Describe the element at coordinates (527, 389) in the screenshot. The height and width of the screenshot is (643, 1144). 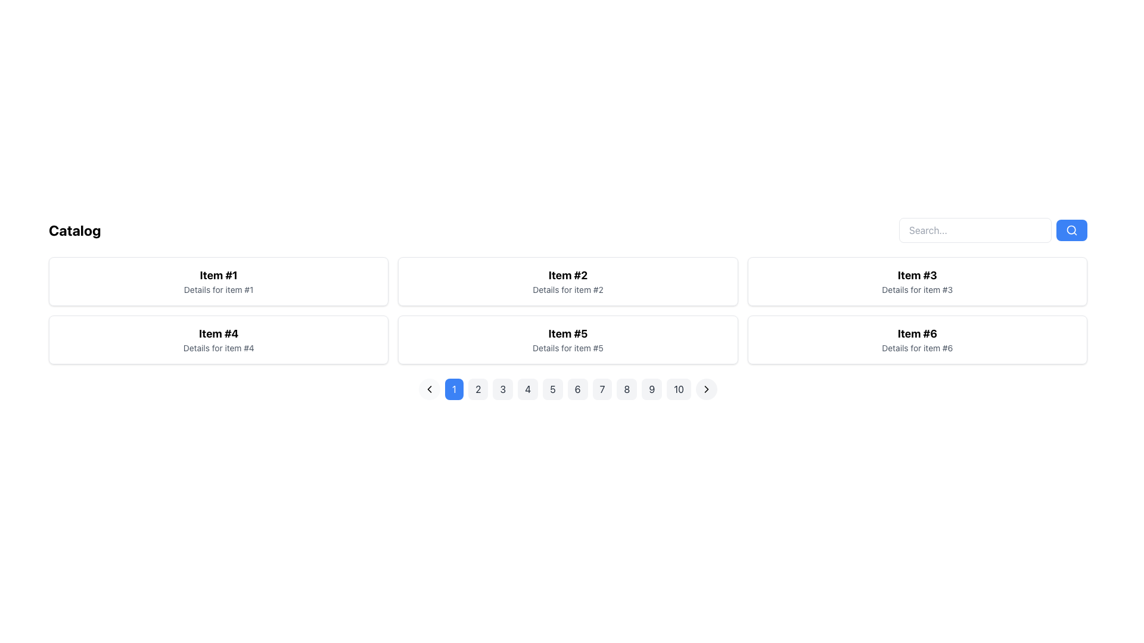
I see `the rectangular button with rounded edges containing the numeral '4' in a dark color, which is the fourth button in a series of numeric buttons within the pagination component` at that location.